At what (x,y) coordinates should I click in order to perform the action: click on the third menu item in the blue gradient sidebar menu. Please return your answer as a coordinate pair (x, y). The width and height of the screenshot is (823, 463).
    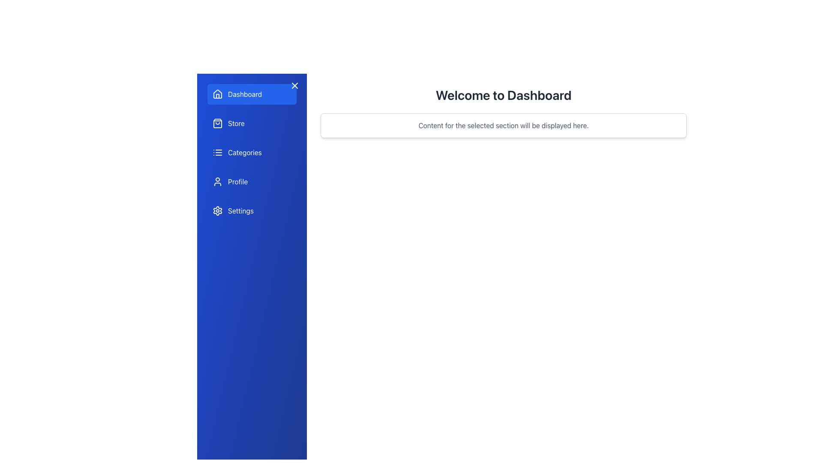
    Looking at the image, I should click on (252, 152).